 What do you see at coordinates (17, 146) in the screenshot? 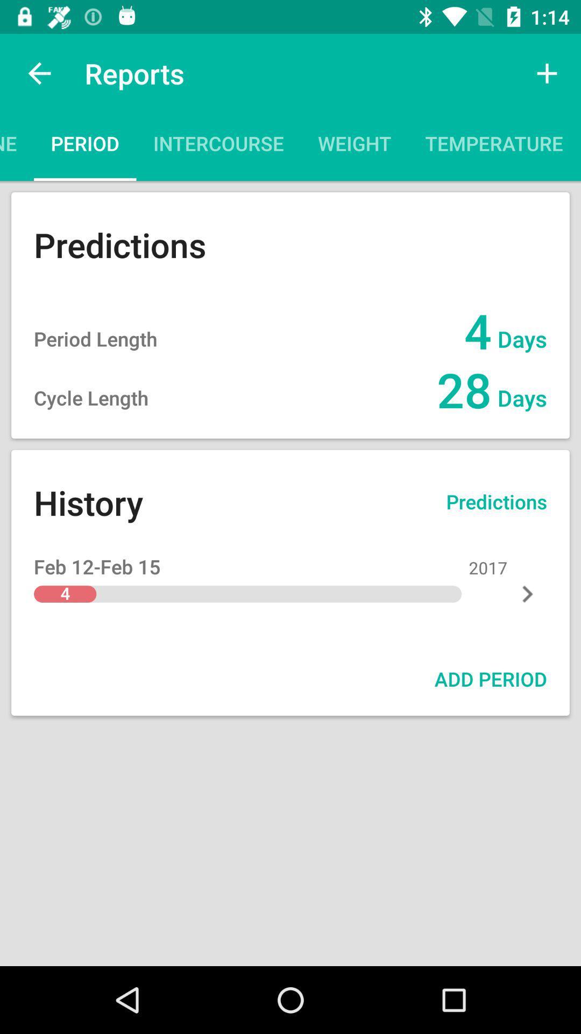
I see `the timeline` at bounding box center [17, 146].